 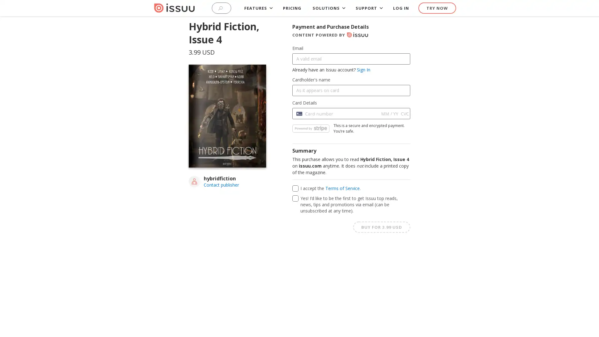 What do you see at coordinates (221, 184) in the screenshot?
I see `Contact publisher` at bounding box center [221, 184].